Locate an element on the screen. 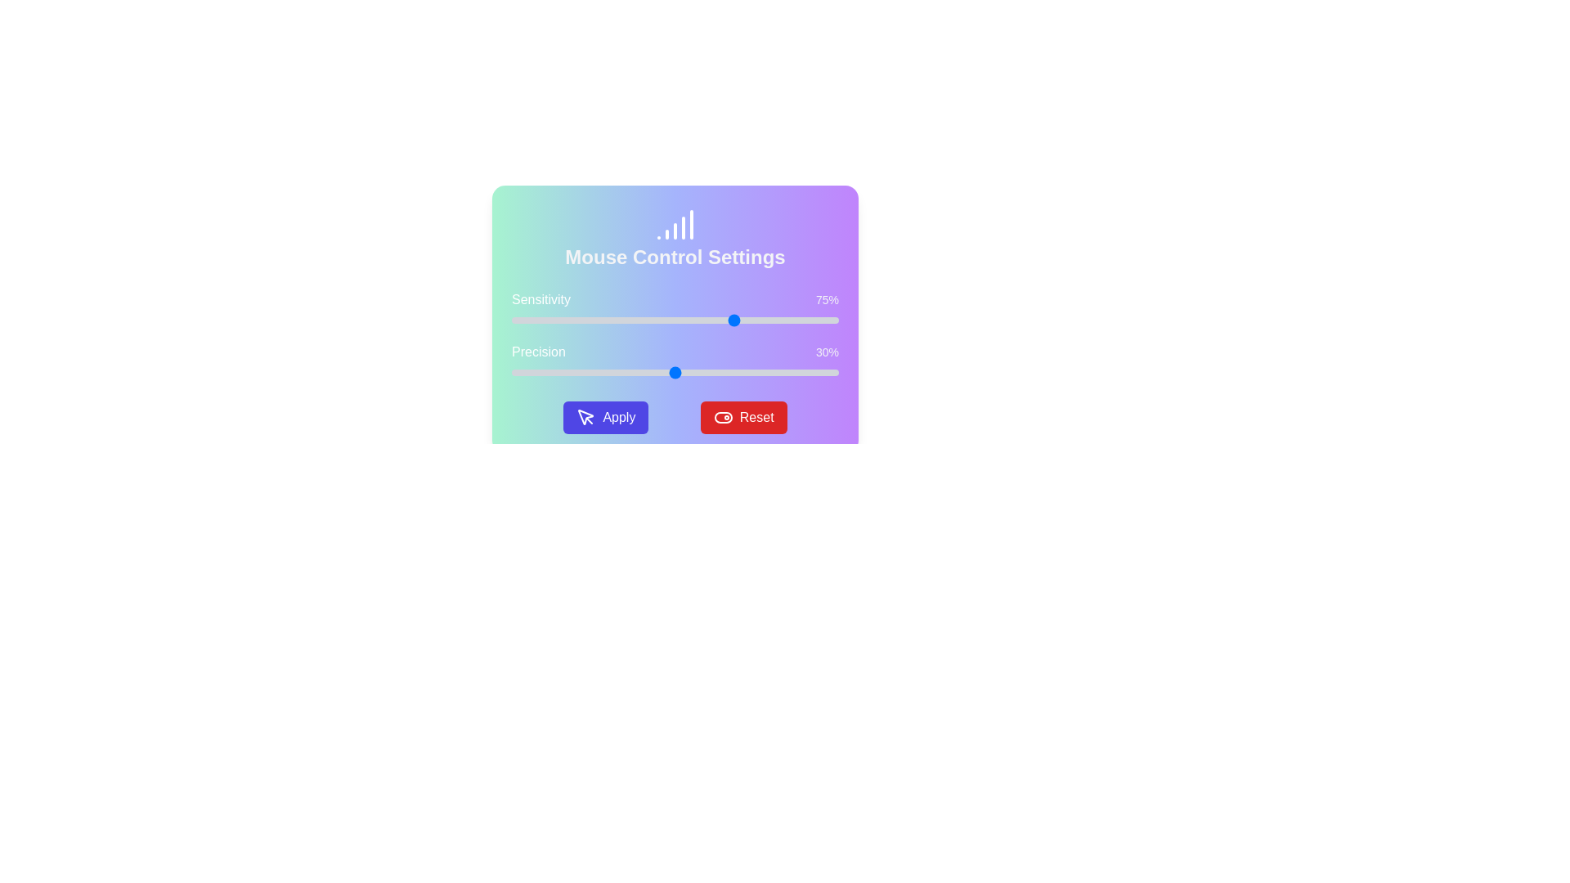 Image resolution: width=1570 pixels, height=883 pixels. the mouse pointer icon located within the 'Apply' button is located at coordinates (586, 416).